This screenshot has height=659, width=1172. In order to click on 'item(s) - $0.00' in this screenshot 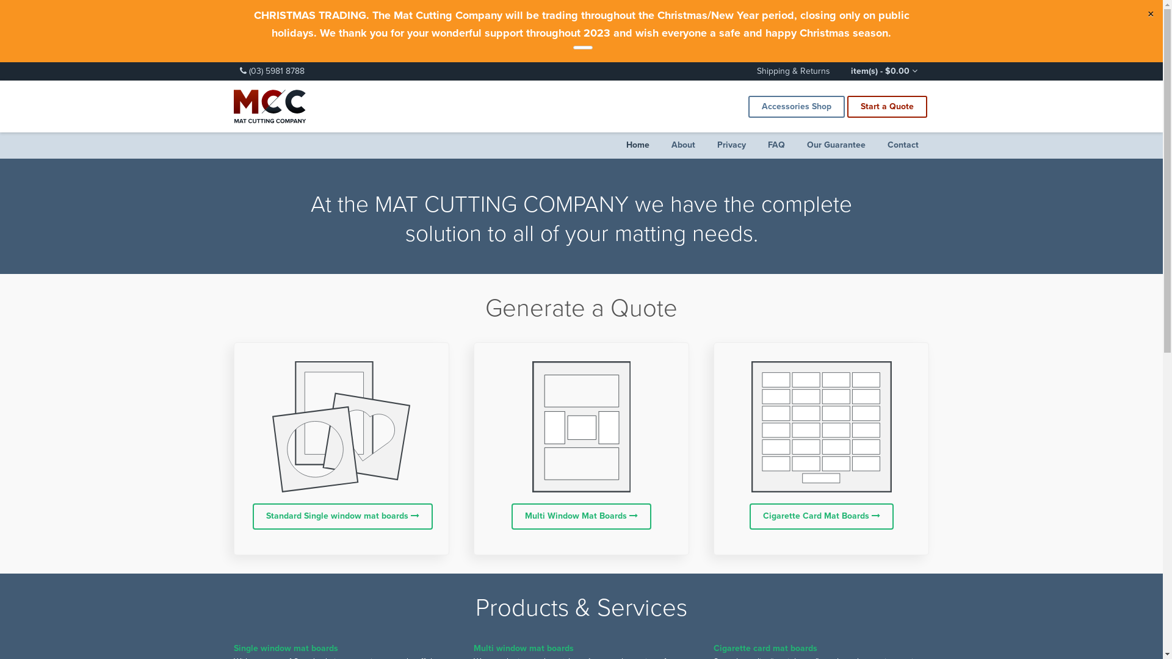, I will do `click(884, 71)`.